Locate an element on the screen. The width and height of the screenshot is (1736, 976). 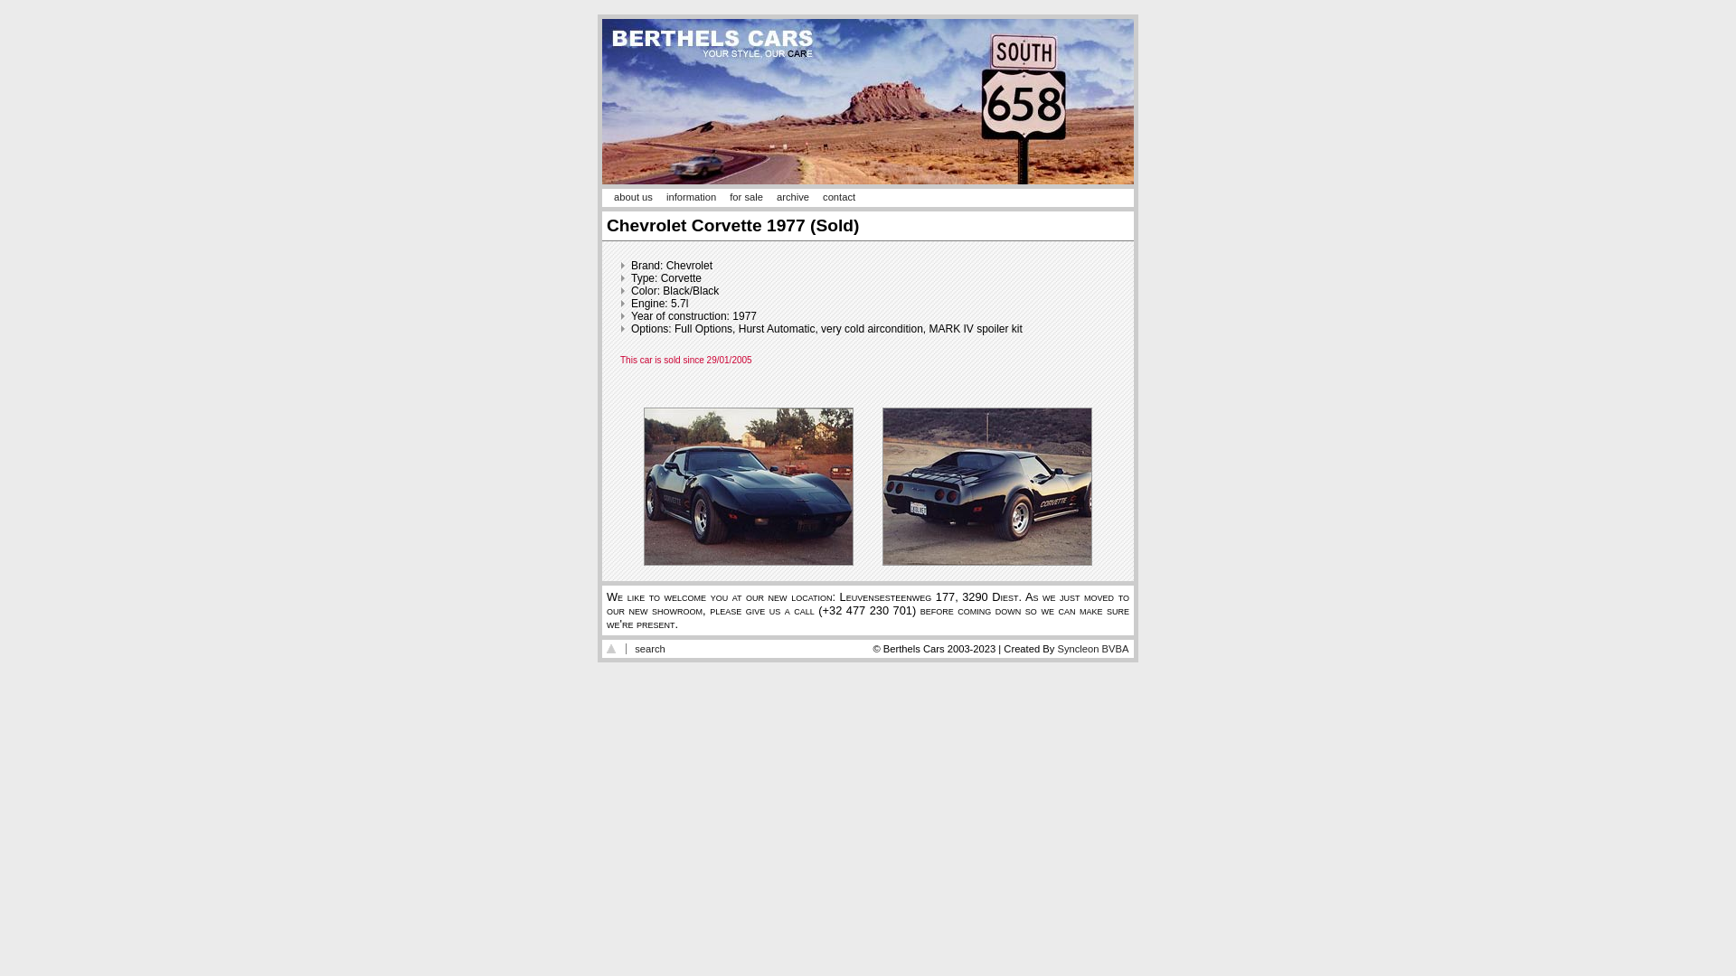
'Go to the top of the page' is located at coordinates (611, 648).